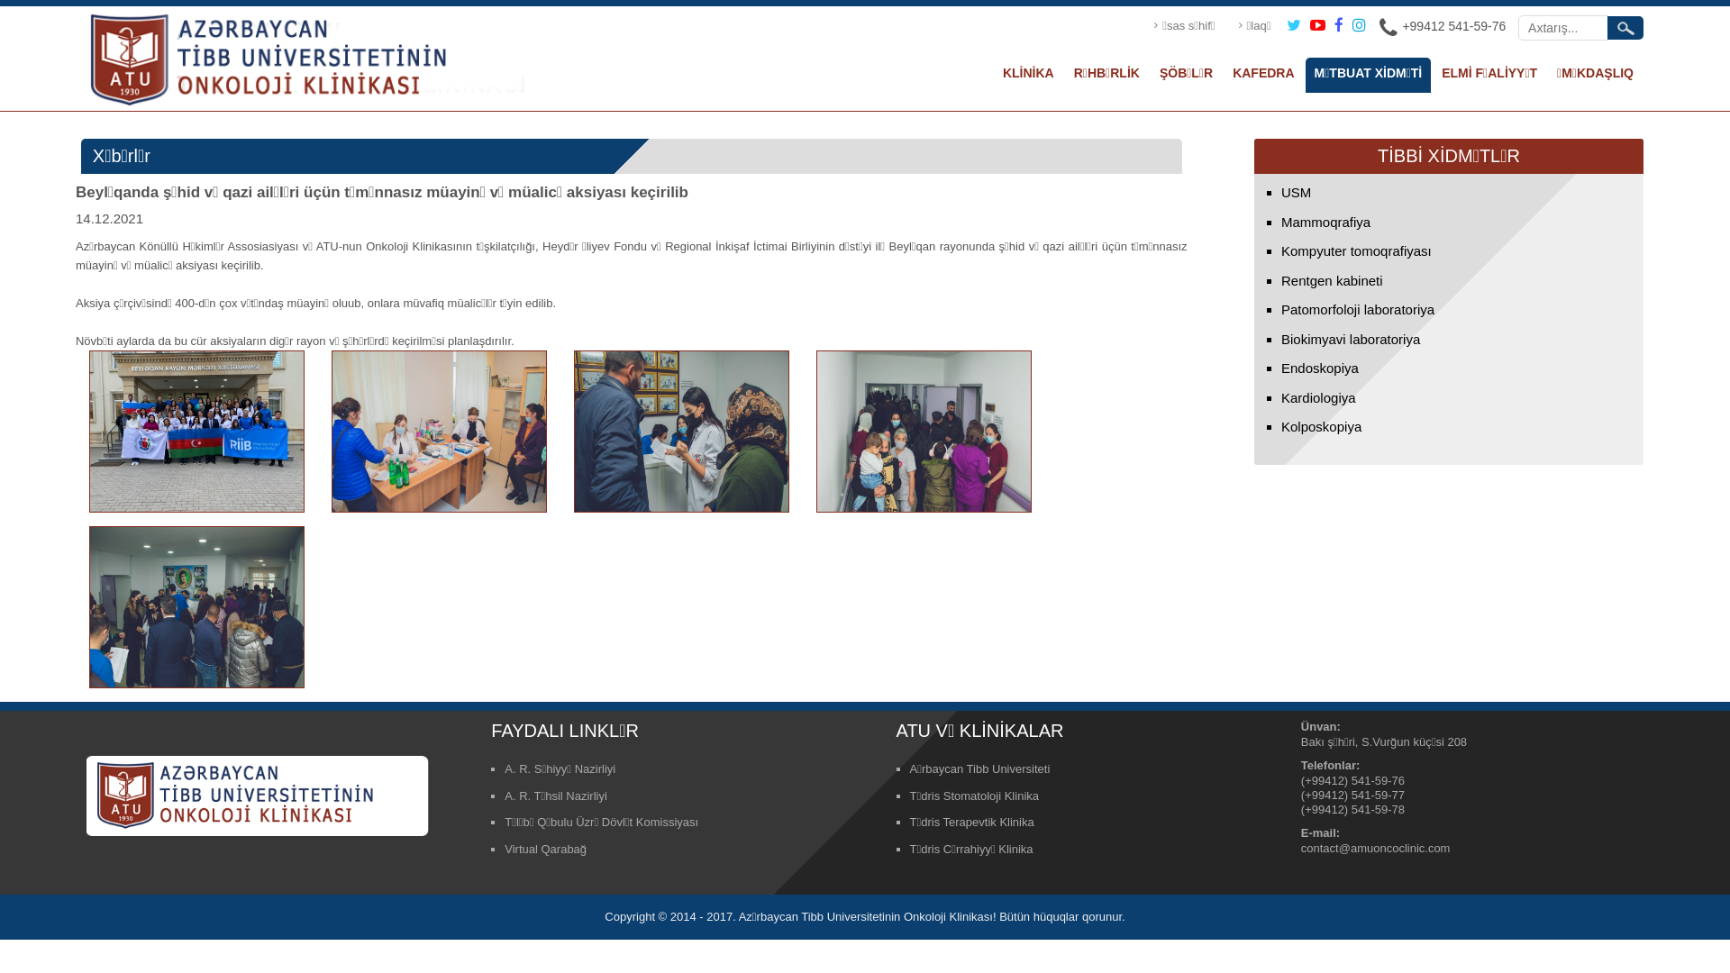 Image resolution: width=1730 pixels, height=973 pixels. Describe the element at coordinates (1261, 74) in the screenshot. I see `'KAFEDRA'` at that location.